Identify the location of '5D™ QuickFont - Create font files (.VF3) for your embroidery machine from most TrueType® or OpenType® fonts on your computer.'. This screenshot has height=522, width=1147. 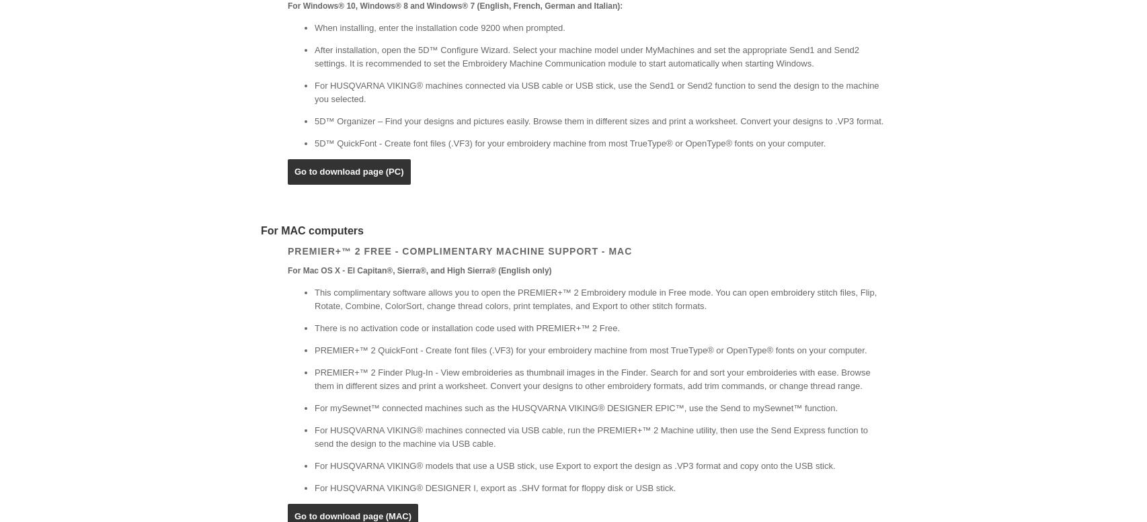
(569, 142).